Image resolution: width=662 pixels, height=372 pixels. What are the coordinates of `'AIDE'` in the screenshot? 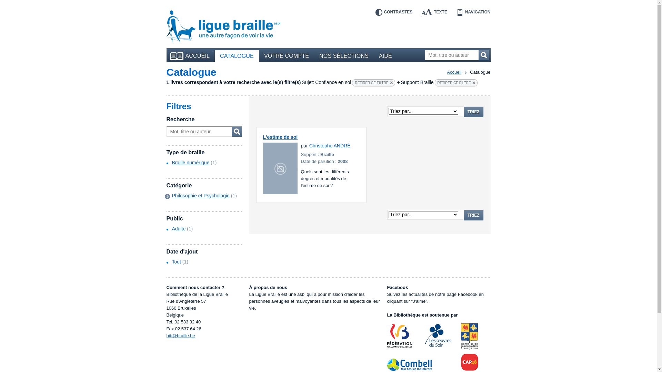 It's located at (385, 55).